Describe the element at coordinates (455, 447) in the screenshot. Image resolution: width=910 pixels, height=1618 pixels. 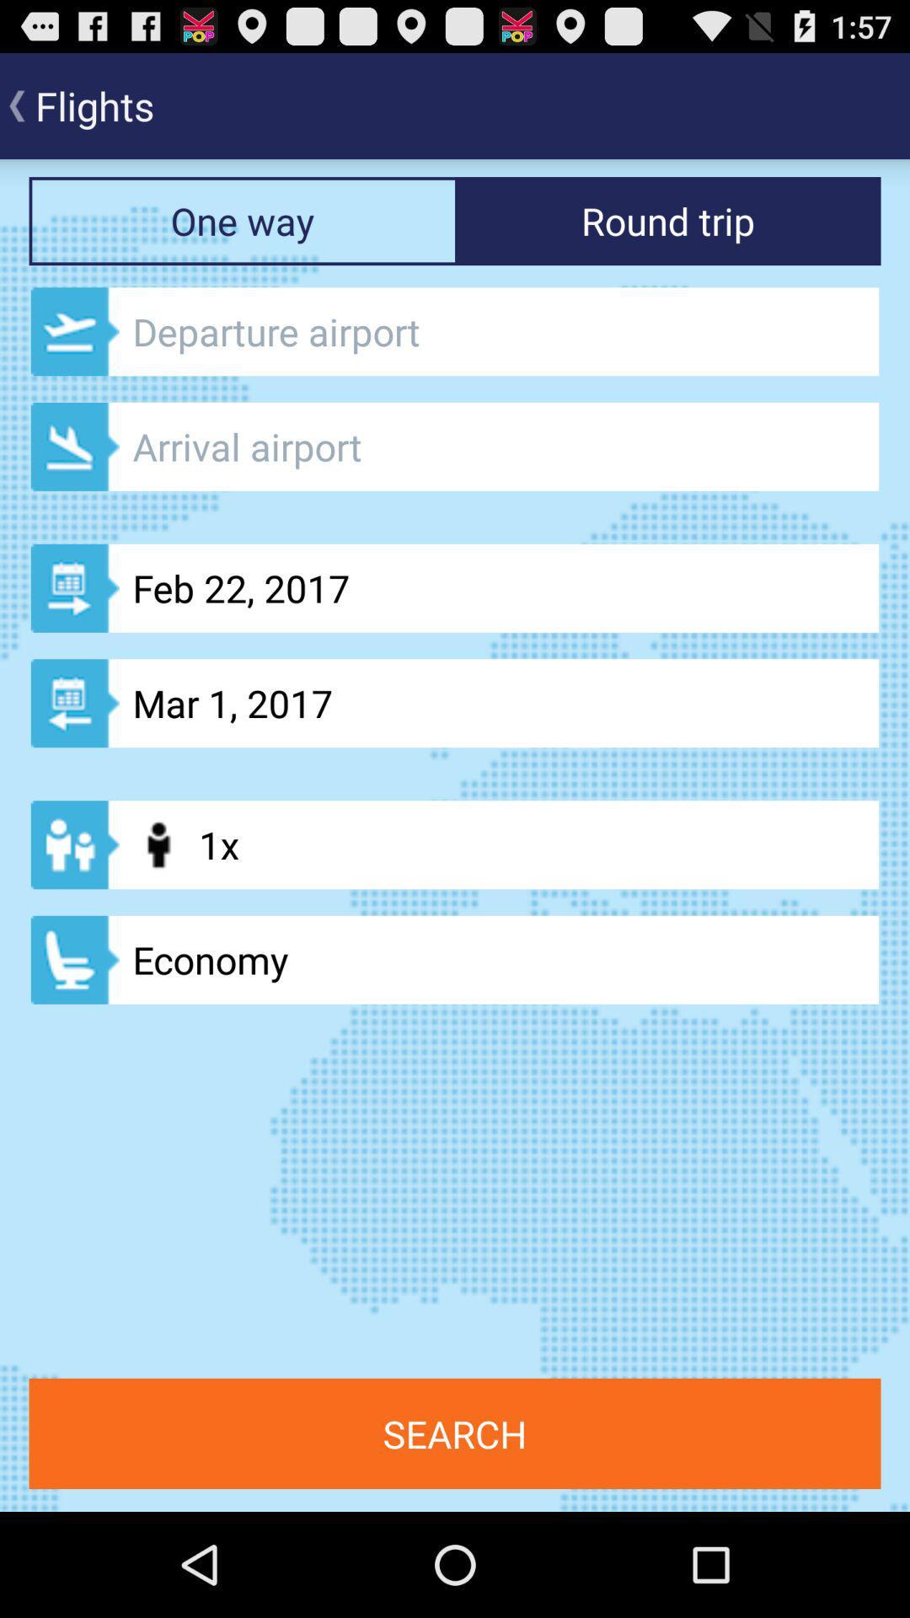
I see `arrival airport` at that location.